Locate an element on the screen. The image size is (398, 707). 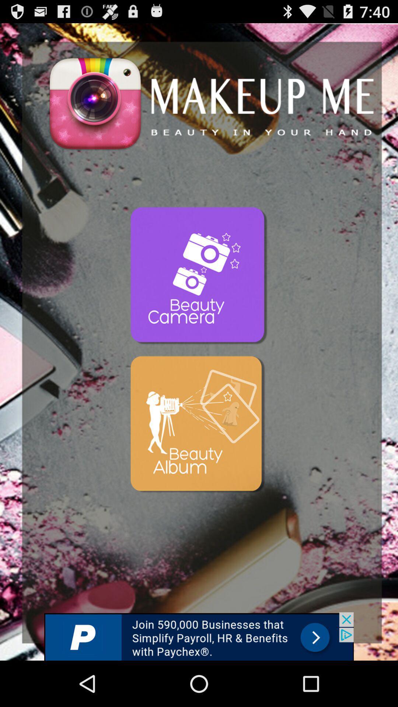
advertisement is located at coordinates (199, 425).